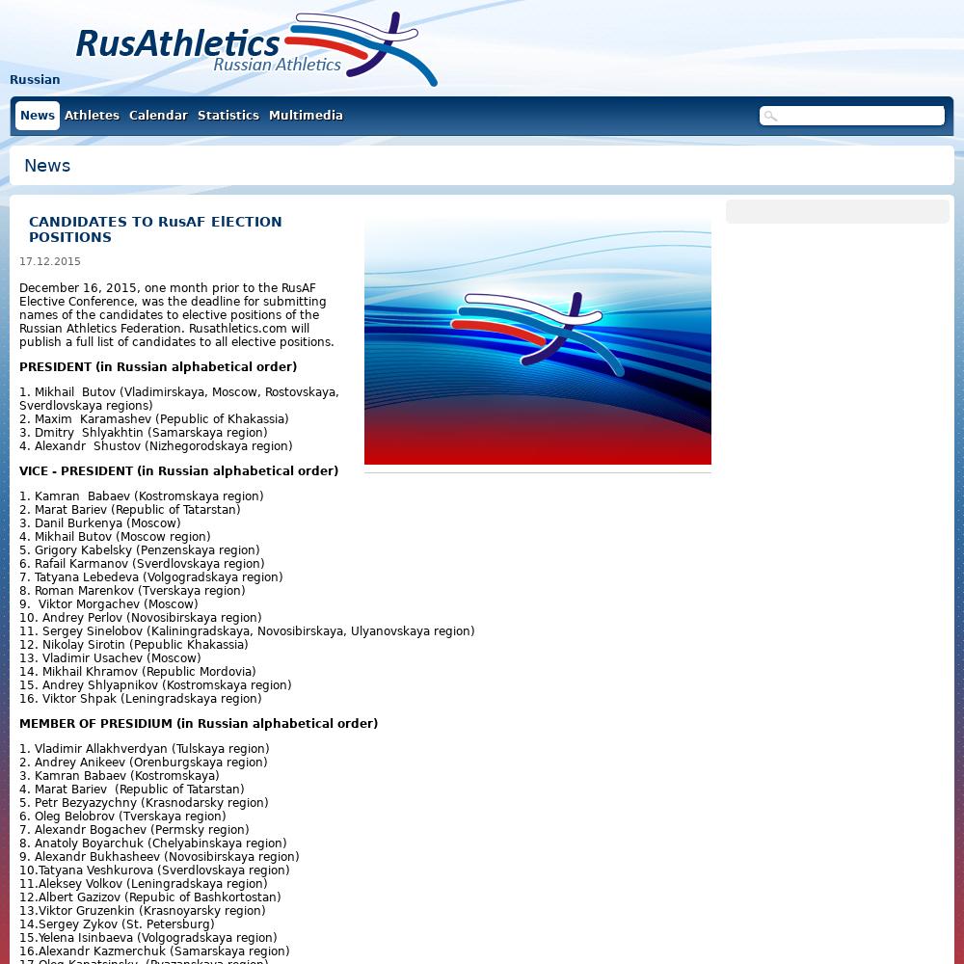 The image size is (964, 964). Describe the element at coordinates (153, 843) in the screenshot. I see `'8. Anatoly Boyarchuk (Chelyabinskaya region)'` at that location.